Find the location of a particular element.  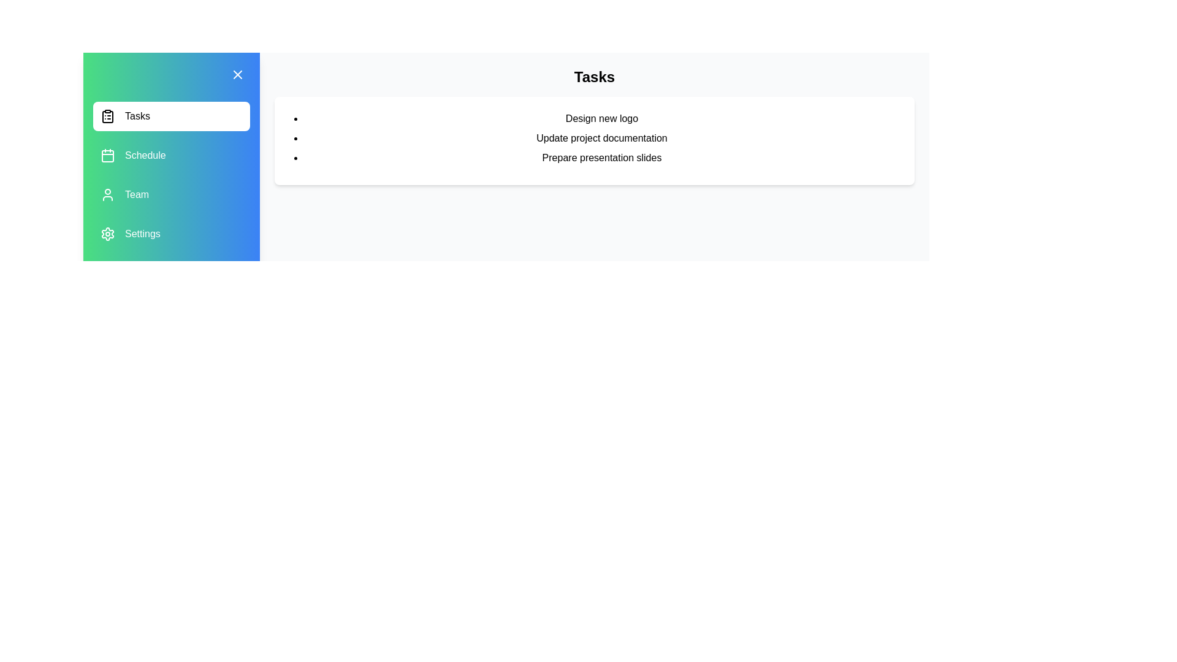

the menu item Schedule to observe the hover effect is located at coordinates (170, 155).